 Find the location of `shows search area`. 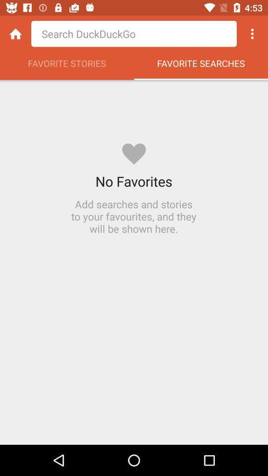

shows search area is located at coordinates (134, 34).